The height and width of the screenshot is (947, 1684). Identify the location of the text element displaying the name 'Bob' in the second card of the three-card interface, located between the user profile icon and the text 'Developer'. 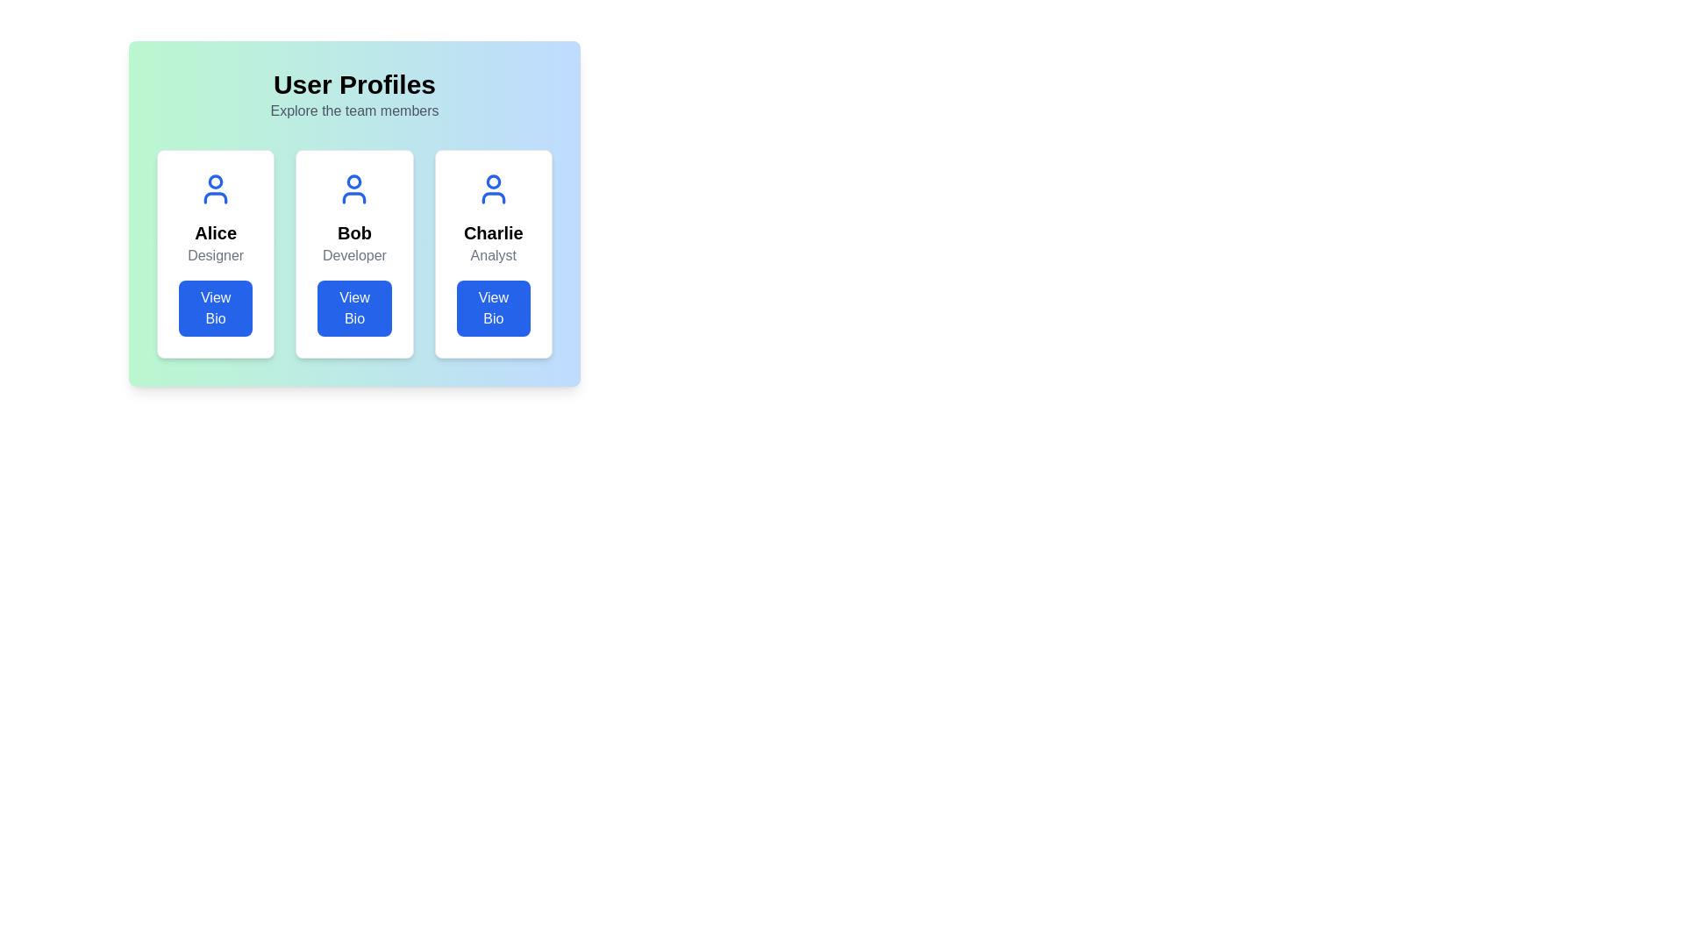
(353, 232).